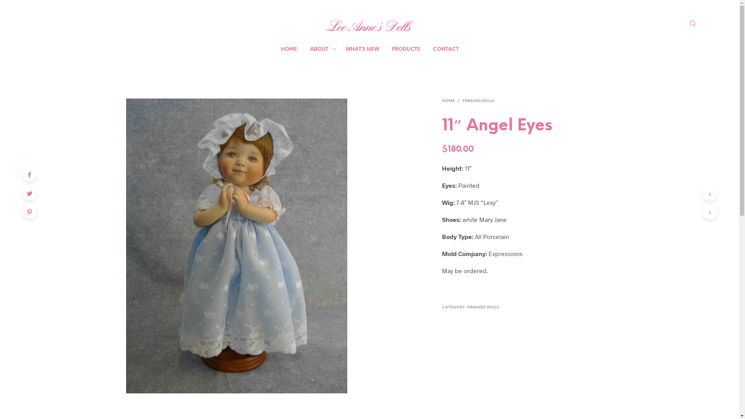 The width and height of the screenshot is (745, 419). Describe the element at coordinates (319, 49) in the screenshot. I see `'ABOUT'` at that location.